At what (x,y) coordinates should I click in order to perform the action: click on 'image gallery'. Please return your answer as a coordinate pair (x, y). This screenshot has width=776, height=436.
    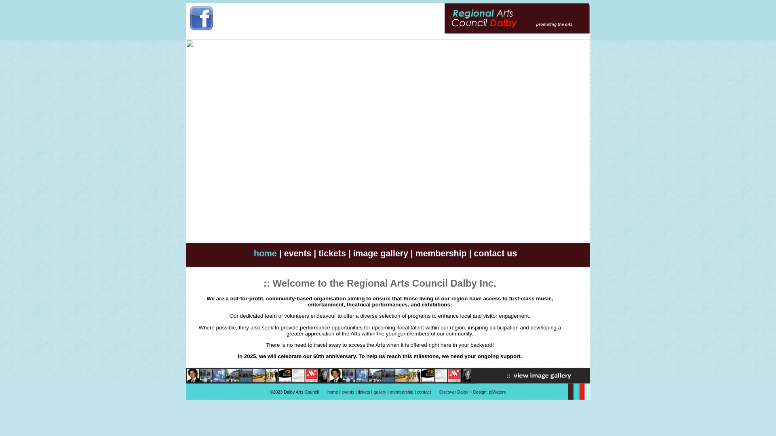
    Looking at the image, I should click on (380, 253).